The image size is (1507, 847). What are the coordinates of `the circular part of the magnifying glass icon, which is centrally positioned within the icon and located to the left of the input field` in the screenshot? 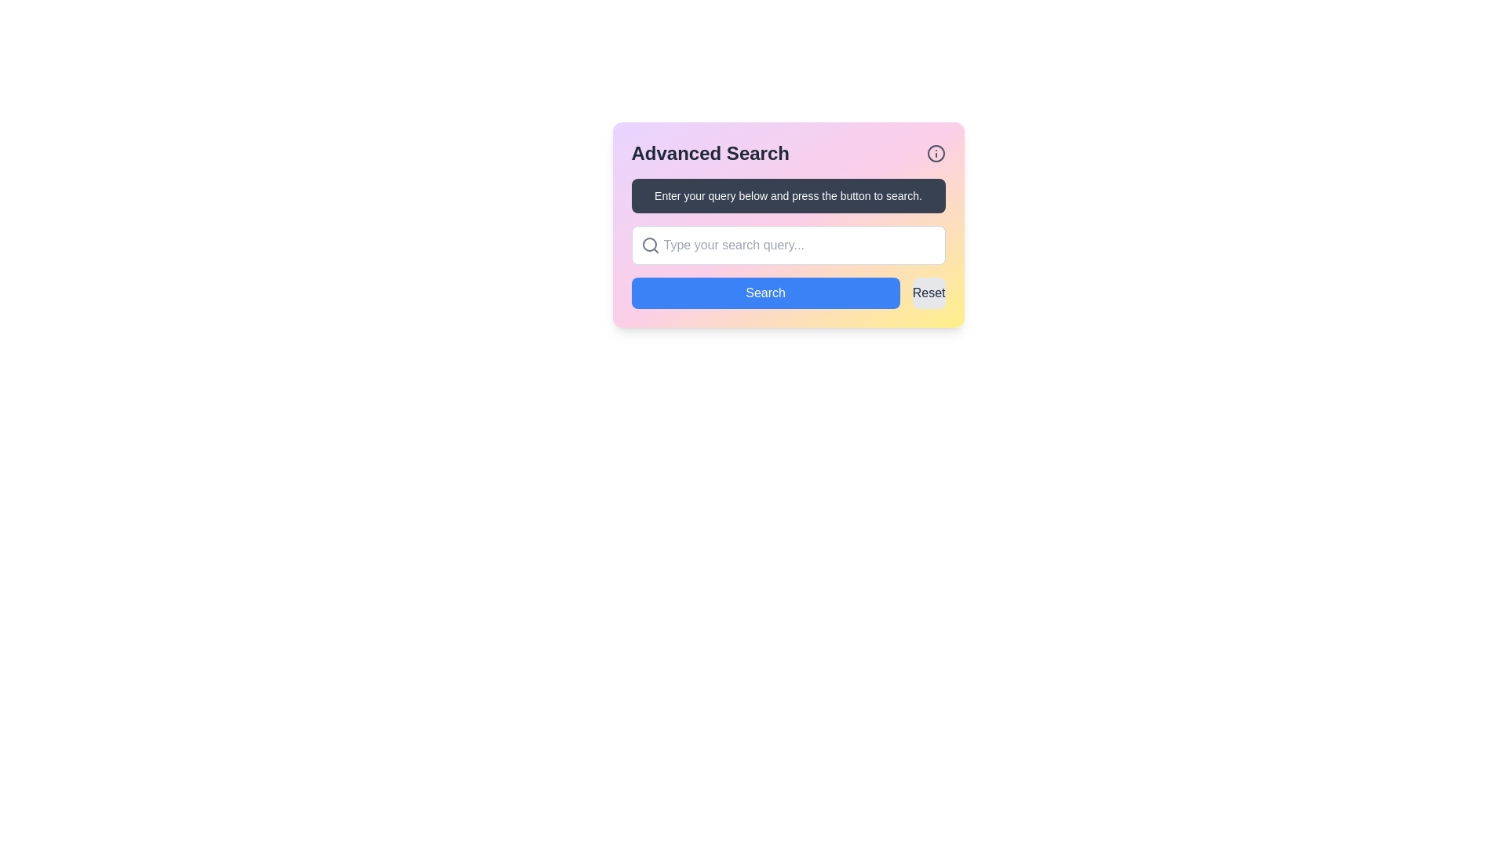 It's located at (649, 245).